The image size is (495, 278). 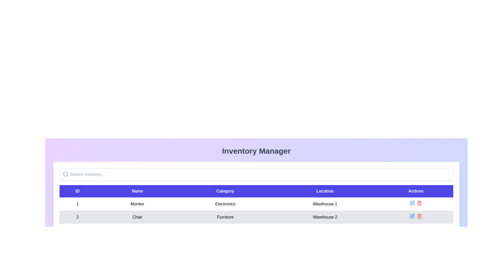 What do you see at coordinates (225, 204) in the screenshot?
I see `text label indicating that the item 'Monitor' belongs to the 'Electronics' category, located in the 'Category' column of the first data row in the inventory table` at bounding box center [225, 204].